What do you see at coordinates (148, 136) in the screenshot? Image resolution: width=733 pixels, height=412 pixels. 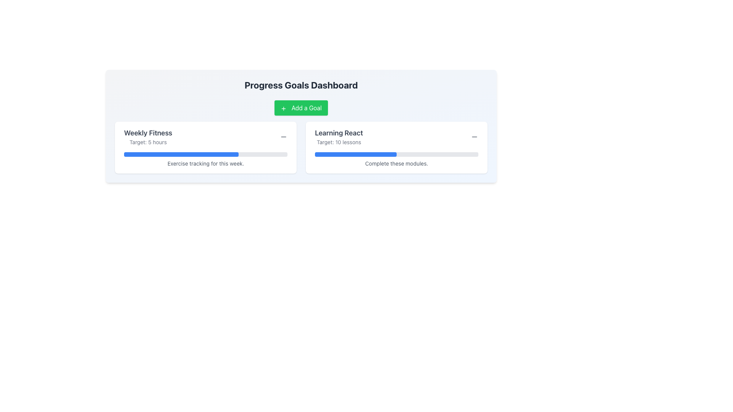 I see `the 'Weekly Fitness' text and header element, which displays 'Weekly Fitness' in a larger bold font and 'Target: 5 hours' in a smaller font, located above a progress bar and aligned with an interactive icon` at bounding box center [148, 136].